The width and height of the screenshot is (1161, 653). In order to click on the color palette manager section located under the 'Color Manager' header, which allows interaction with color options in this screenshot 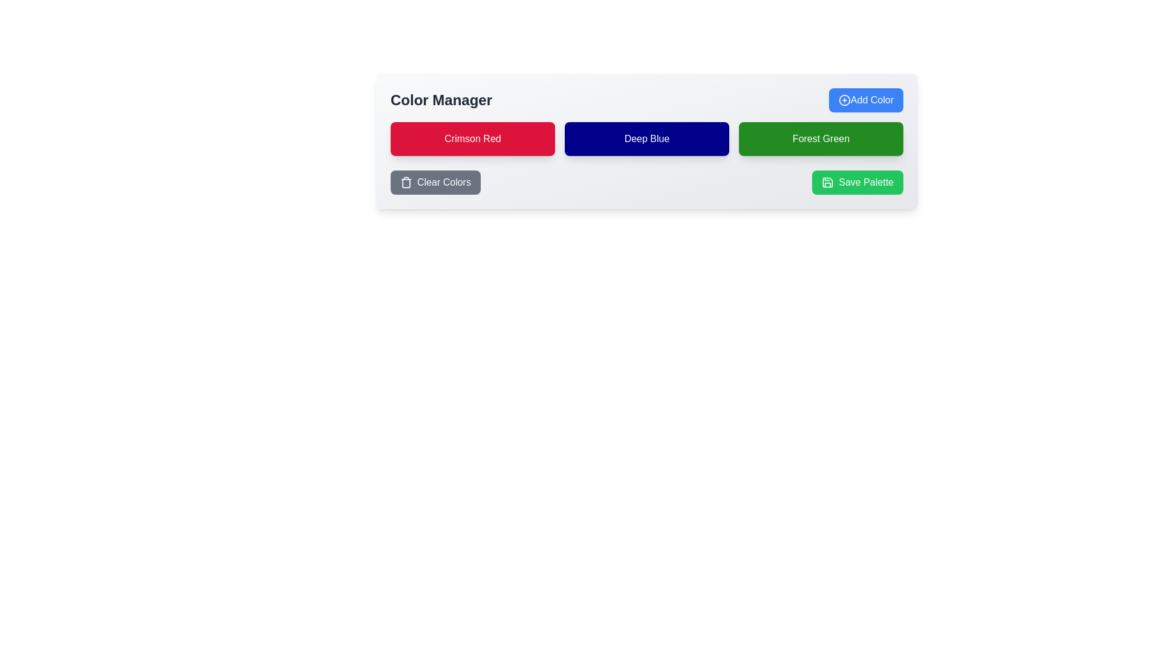, I will do `click(646, 141)`.